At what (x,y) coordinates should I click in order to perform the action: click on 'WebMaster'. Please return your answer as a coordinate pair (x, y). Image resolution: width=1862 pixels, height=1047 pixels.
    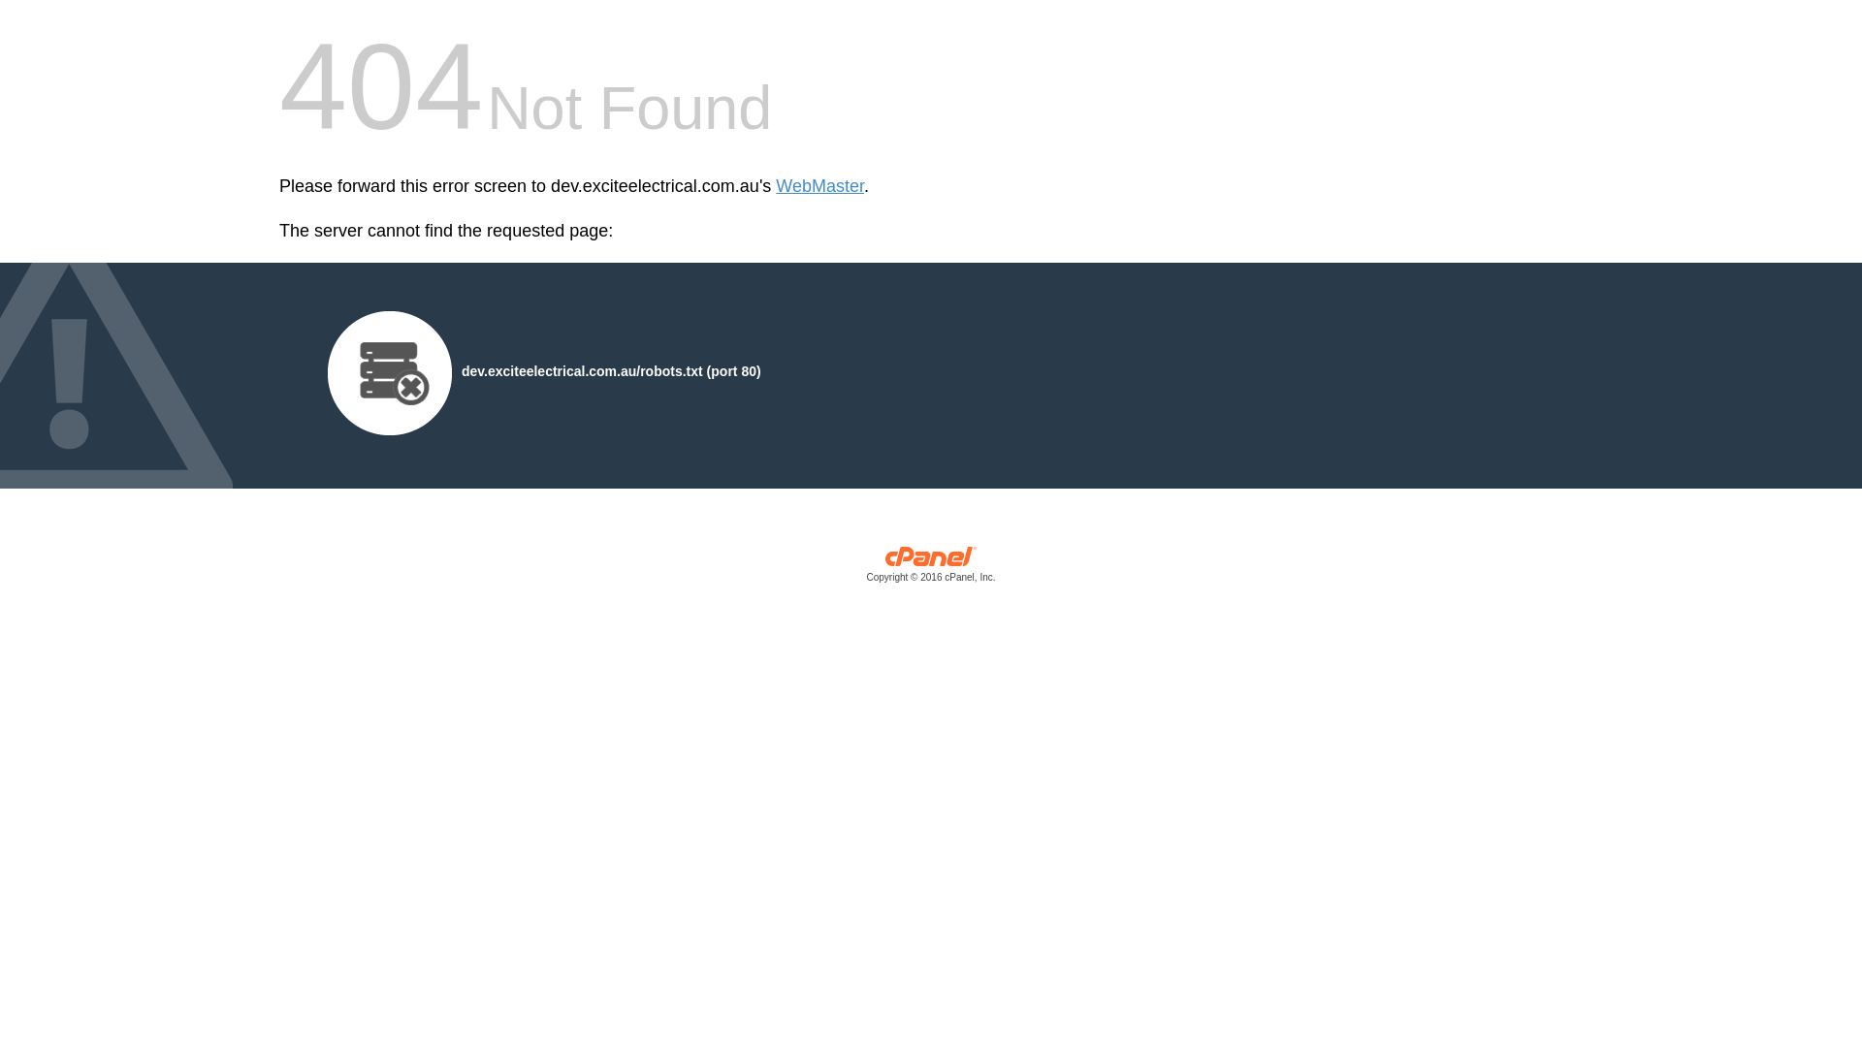
    Looking at the image, I should click on (819, 186).